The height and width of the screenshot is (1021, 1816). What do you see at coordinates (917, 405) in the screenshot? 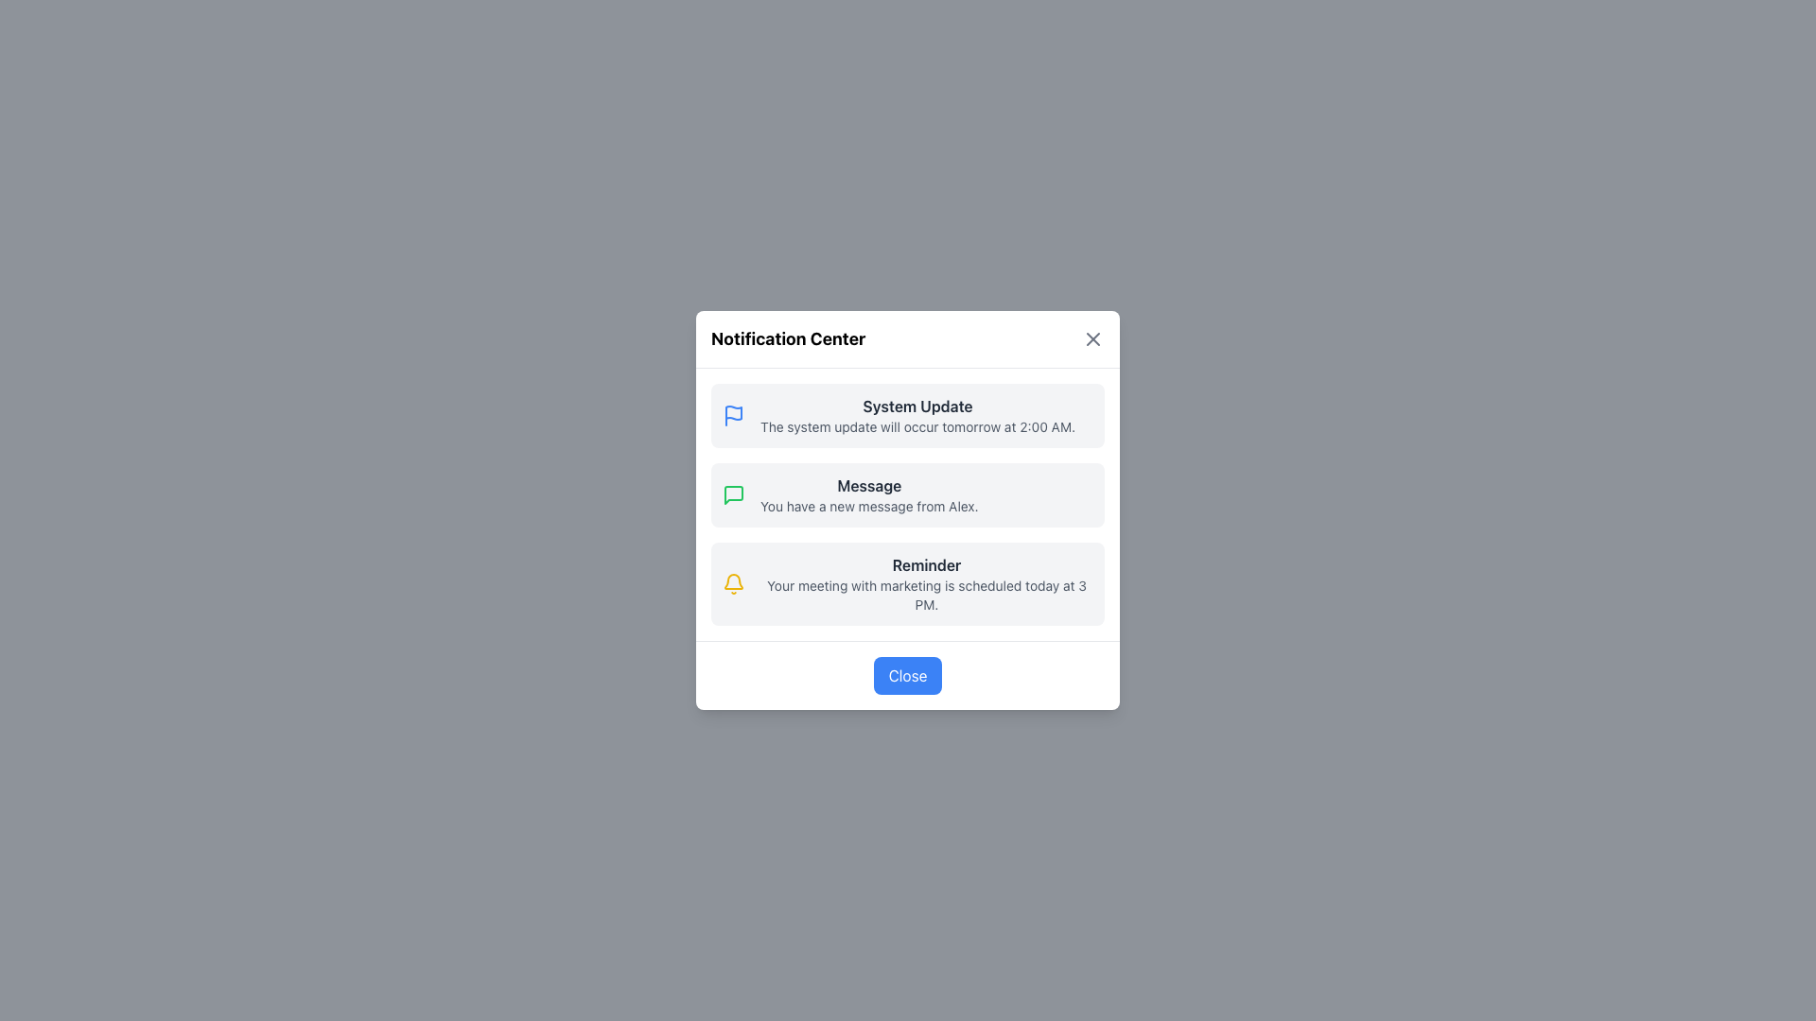
I see `the title Text label in the Notification Center that indicates a system update scheduled for the next day, positioned above the descriptive text and aligned with the blue flag icon` at bounding box center [917, 405].